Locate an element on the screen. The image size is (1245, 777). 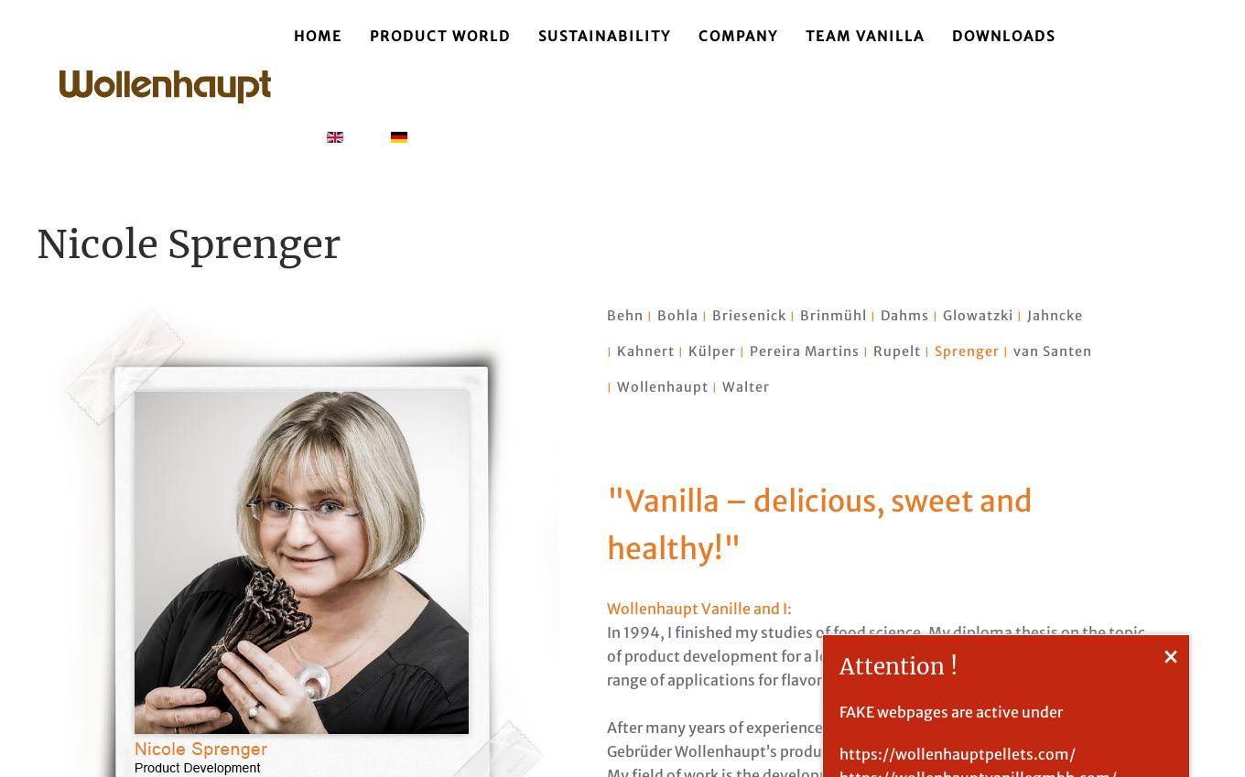
'van Santen' is located at coordinates (1052, 351).